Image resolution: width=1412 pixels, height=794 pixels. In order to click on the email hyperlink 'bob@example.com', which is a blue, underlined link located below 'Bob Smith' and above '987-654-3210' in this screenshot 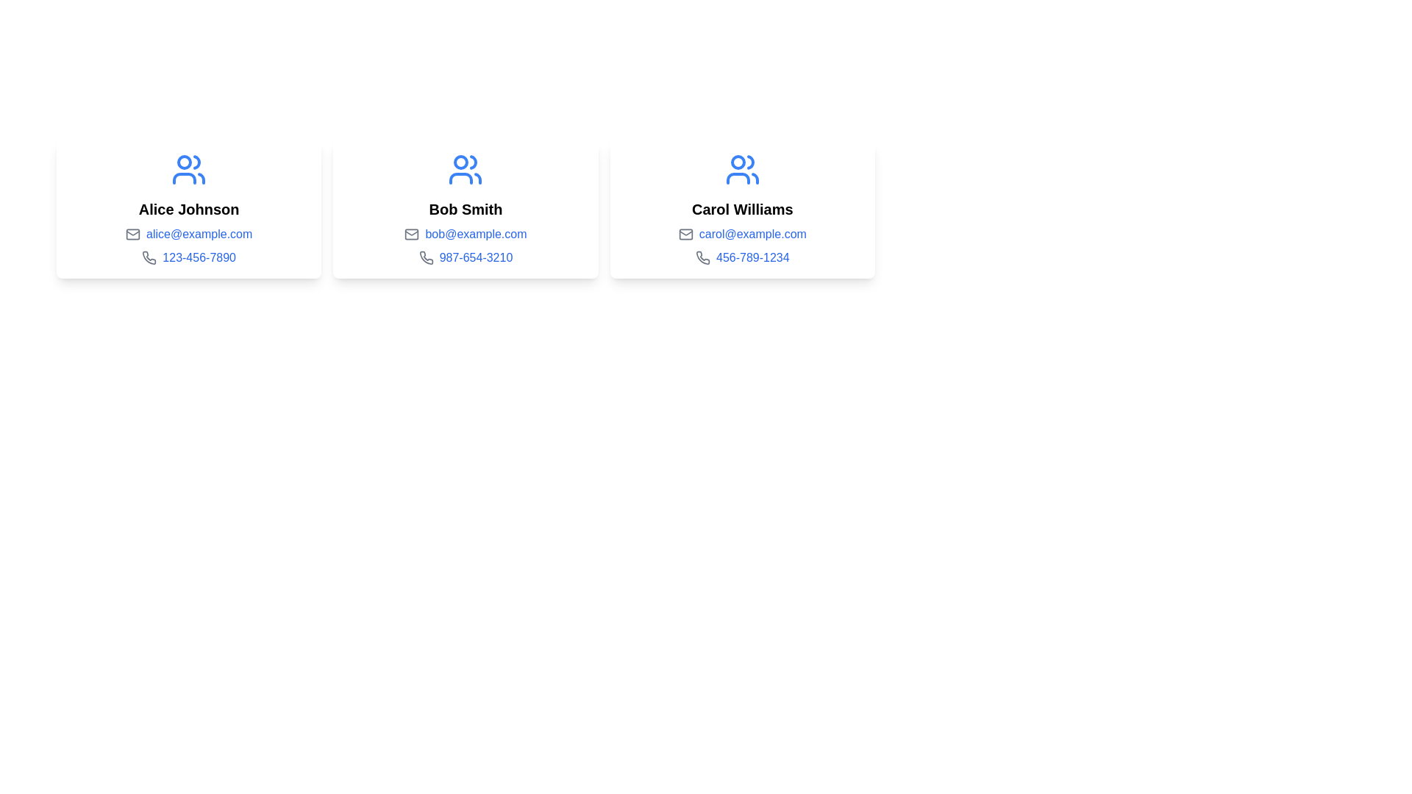, I will do `click(465, 234)`.